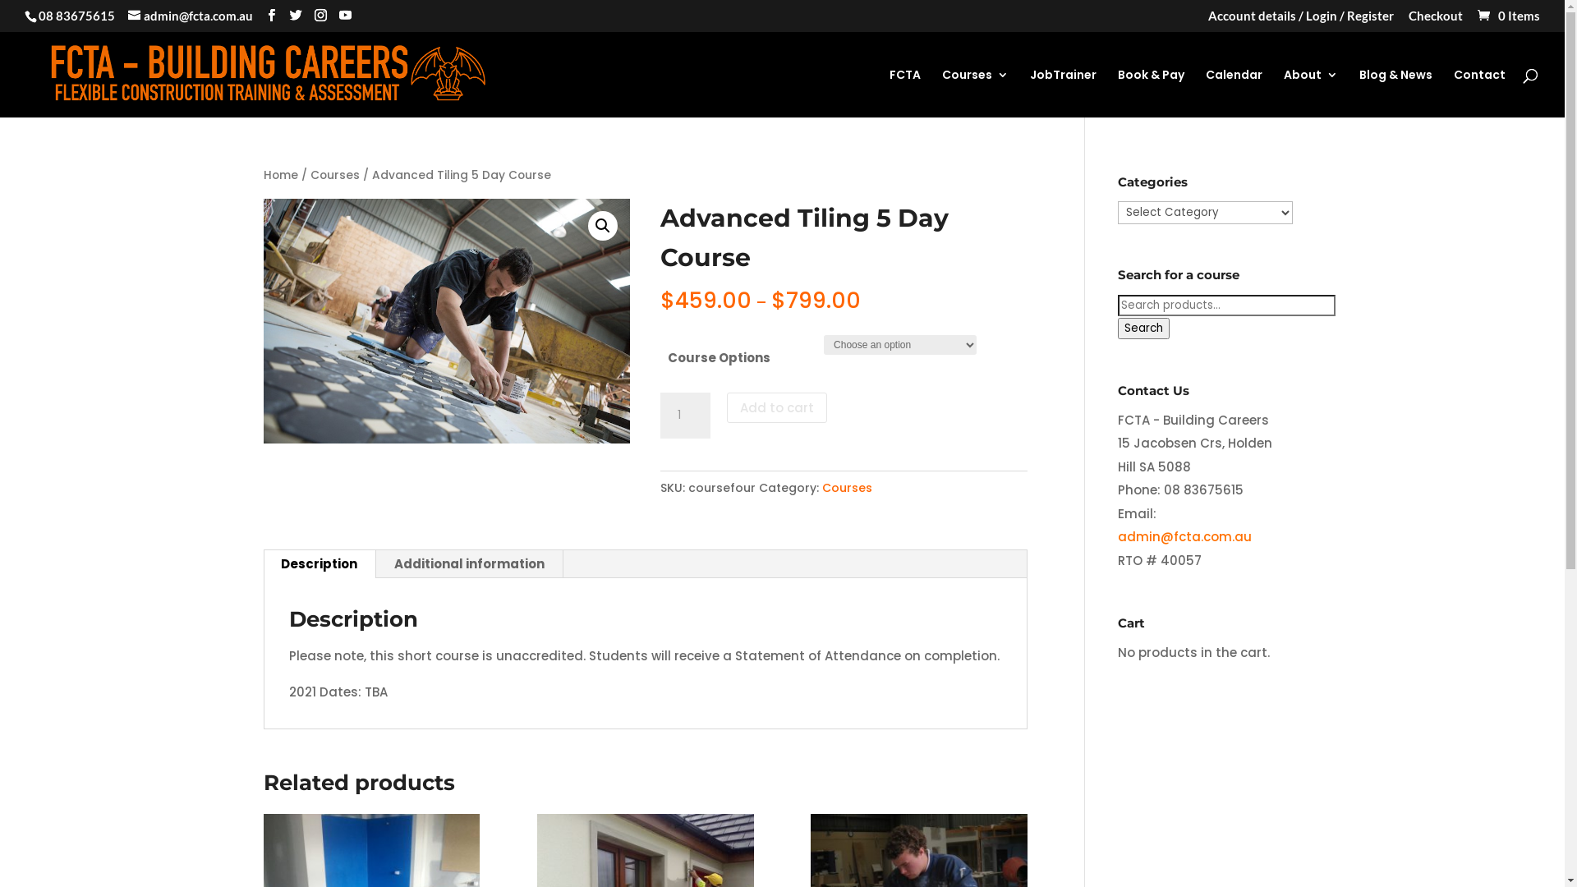  What do you see at coordinates (1395, 93) in the screenshot?
I see `'Blog & News'` at bounding box center [1395, 93].